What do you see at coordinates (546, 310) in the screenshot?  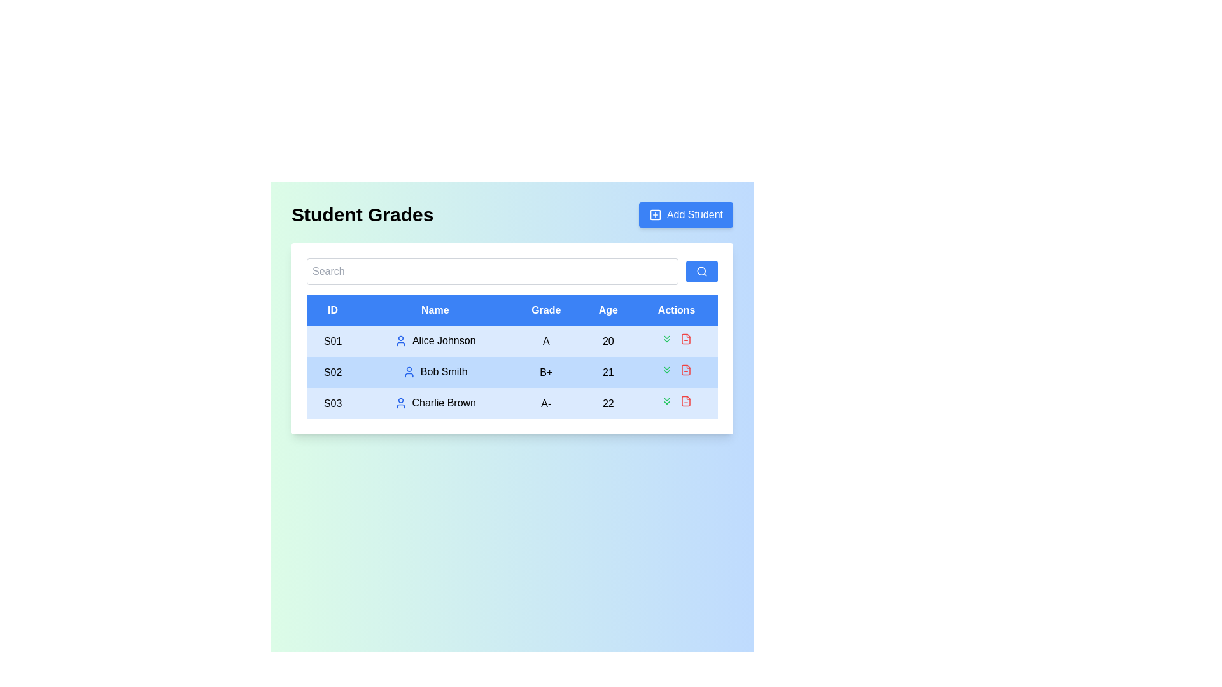 I see `the third column header in the table that indicates grades, located between the 'Name' and 'Age' headers` at bounding box center [546, 310].